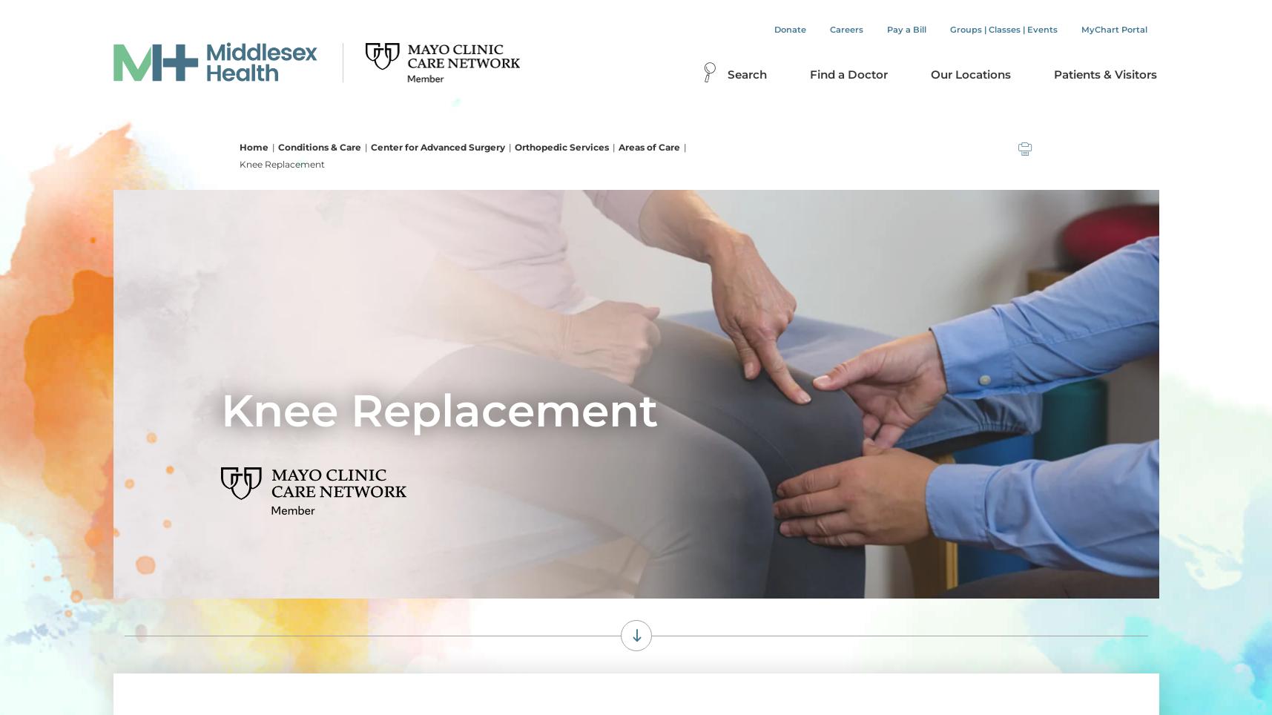 The height and width of the screenshot is (715, 1272). What do you see at coordinates (252, 146) in the screenshot?
I see `'Home'` at bounding box center [252, 146].